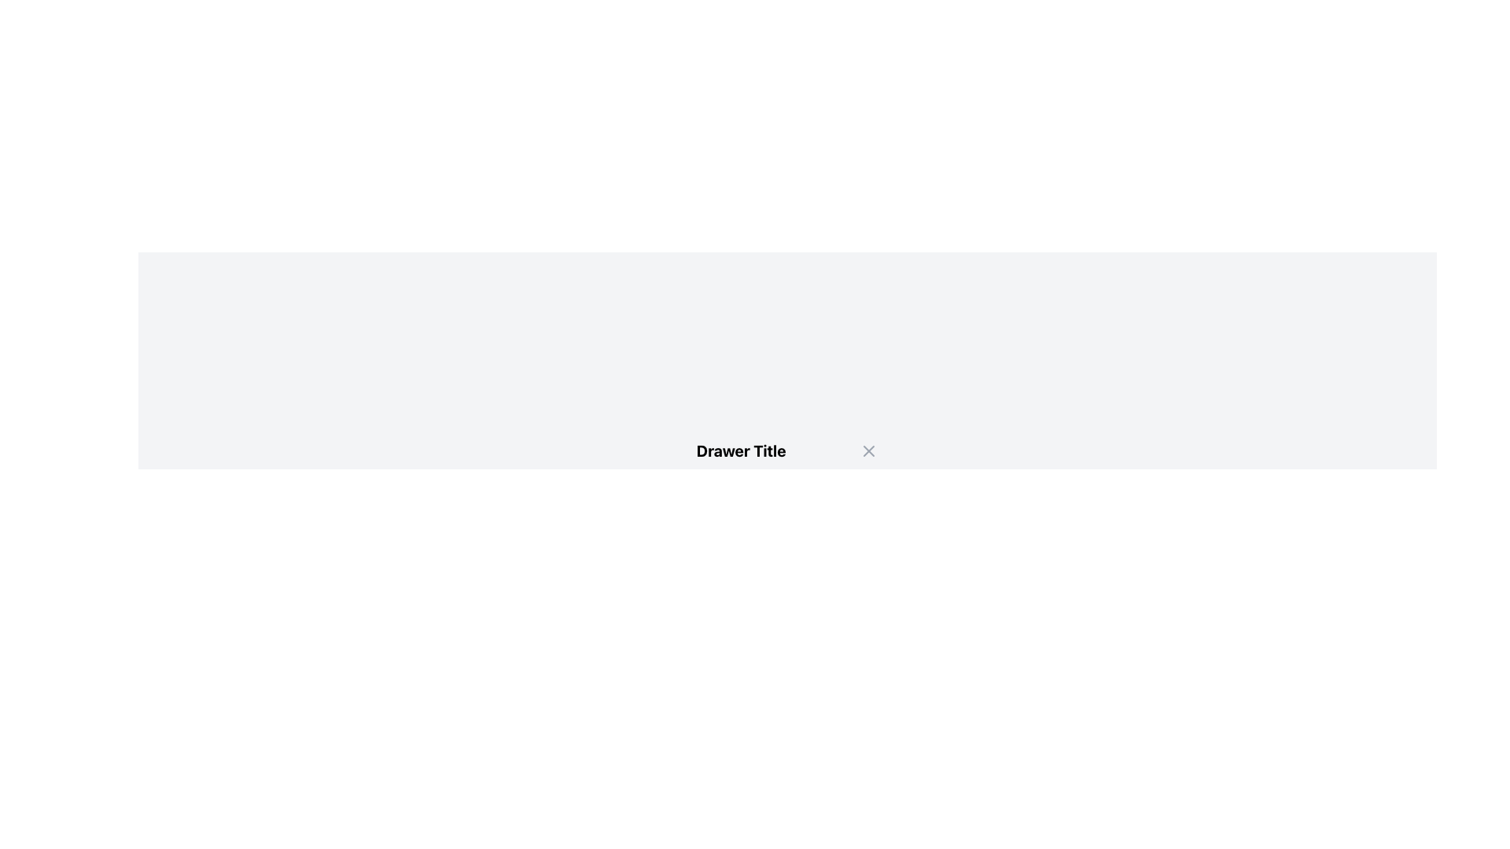  What do you see at coordinates (868, 451) in the screenshot?
I see `the close icon represented by an 'X' in the bottom-right corner of the toolbar next to 'Drawer Title'` at bounding box center [868, 451].